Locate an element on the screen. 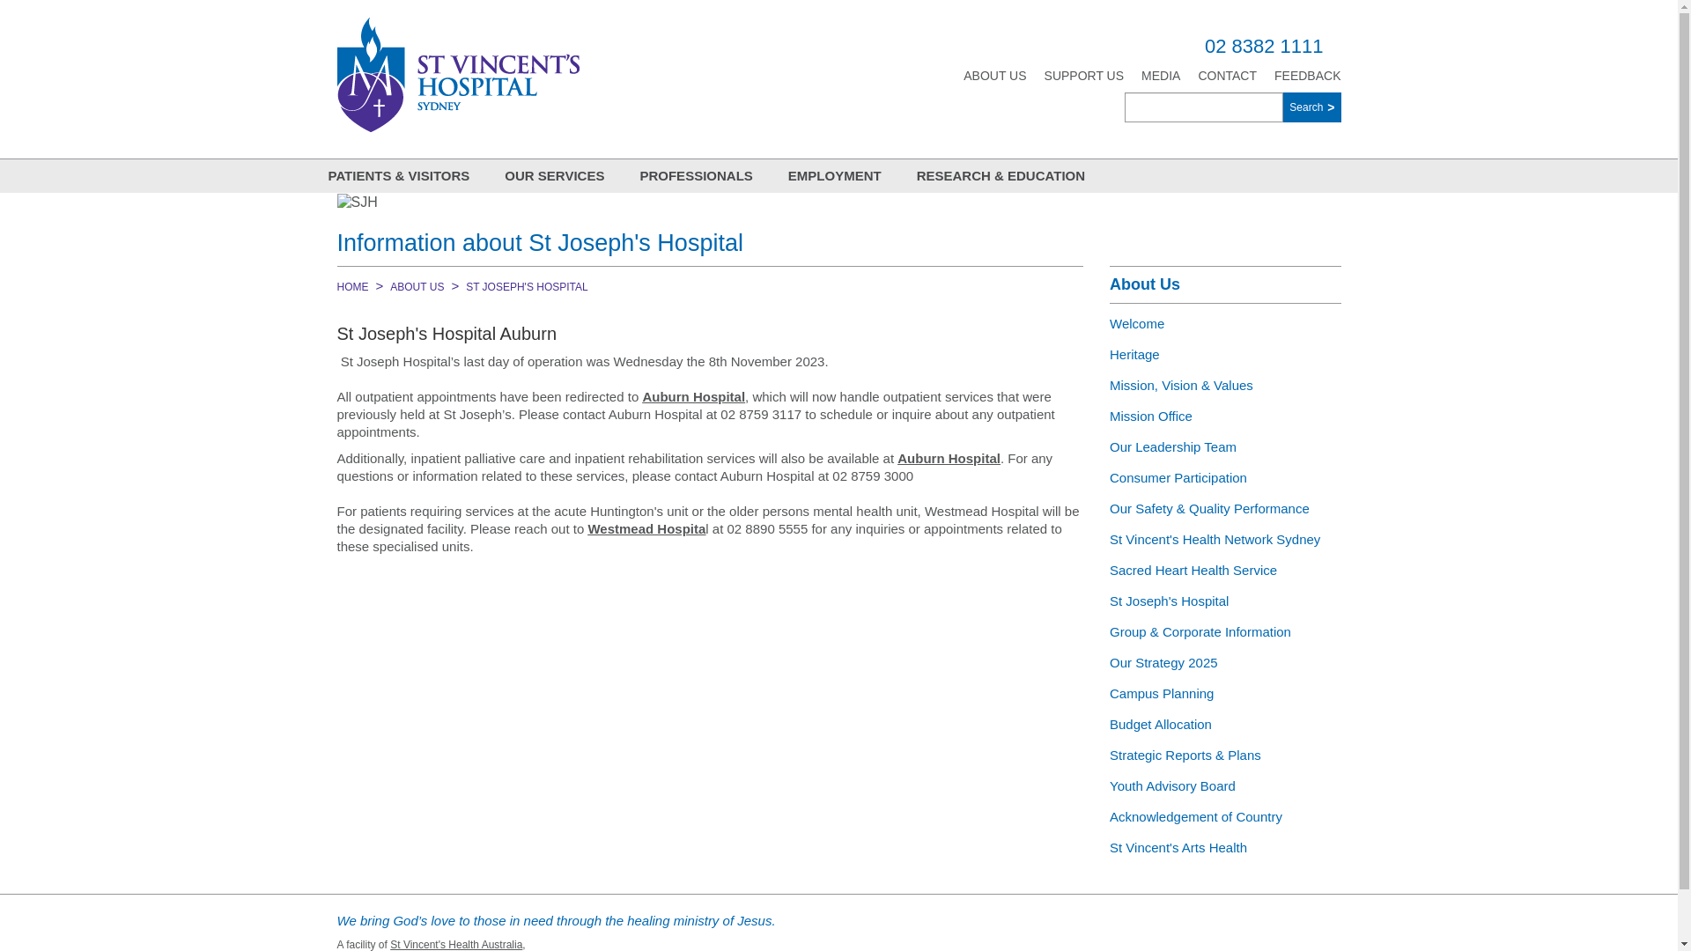  'Our Strategy 2025' is located at coordinates (1224, 662).